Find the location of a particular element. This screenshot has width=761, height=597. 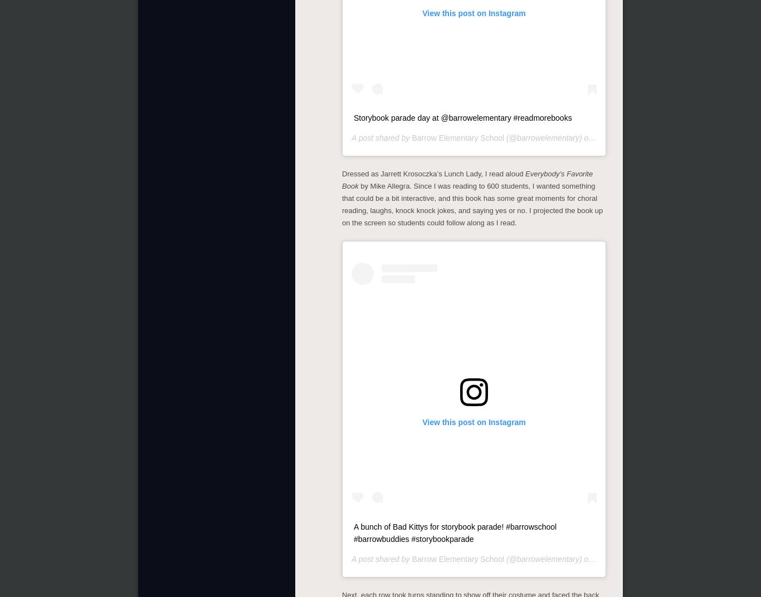

'Mar 8, 2019 at 6:55am PST' is located at coordinates (642, 137).